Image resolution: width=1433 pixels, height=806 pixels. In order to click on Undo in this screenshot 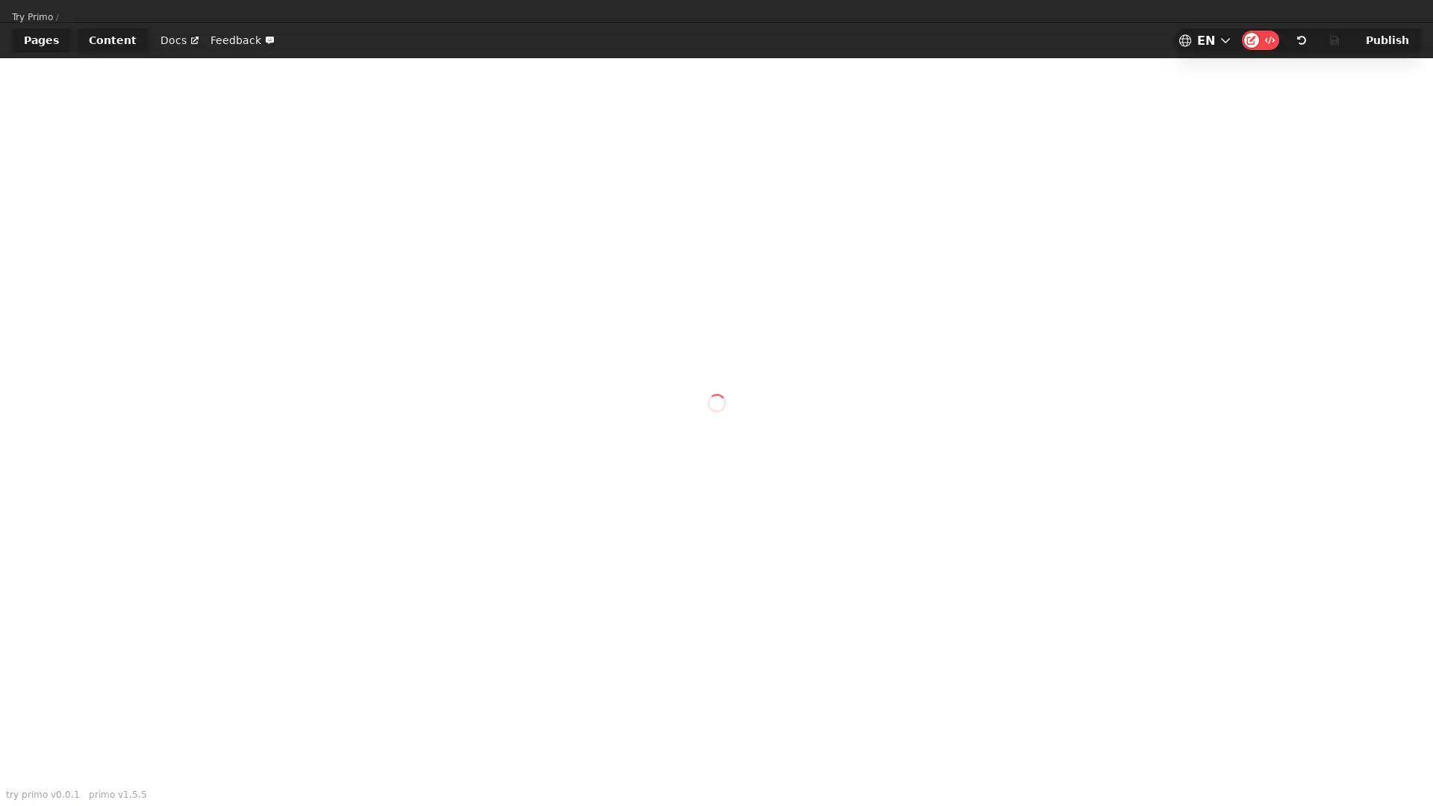, I will do `click(1300, 40)`.